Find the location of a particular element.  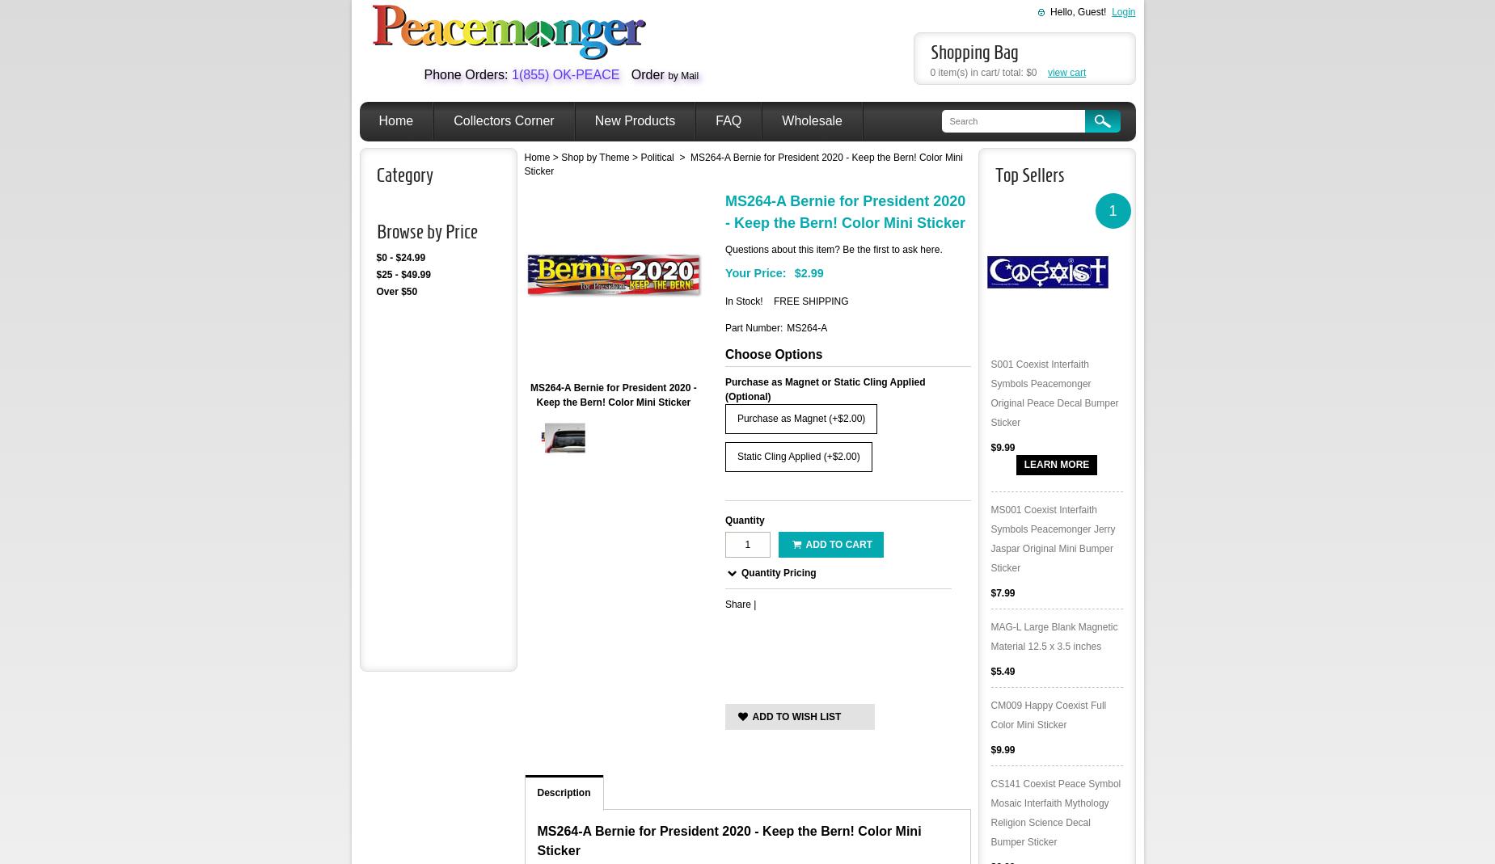

'$0 - $24.99' is located at coordinates (399, 256).